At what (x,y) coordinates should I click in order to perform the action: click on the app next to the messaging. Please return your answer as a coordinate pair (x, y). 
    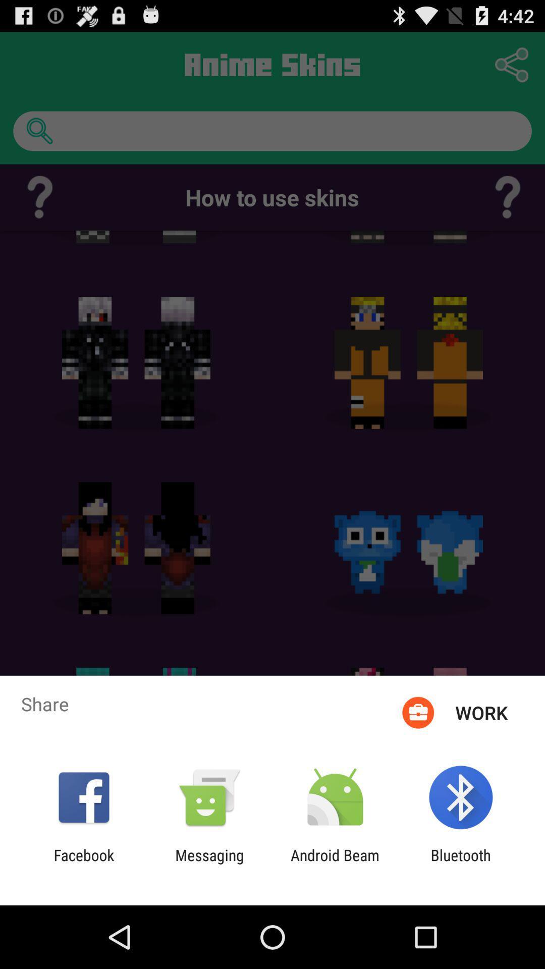
    Looking at the image, I should click on (83, 864).